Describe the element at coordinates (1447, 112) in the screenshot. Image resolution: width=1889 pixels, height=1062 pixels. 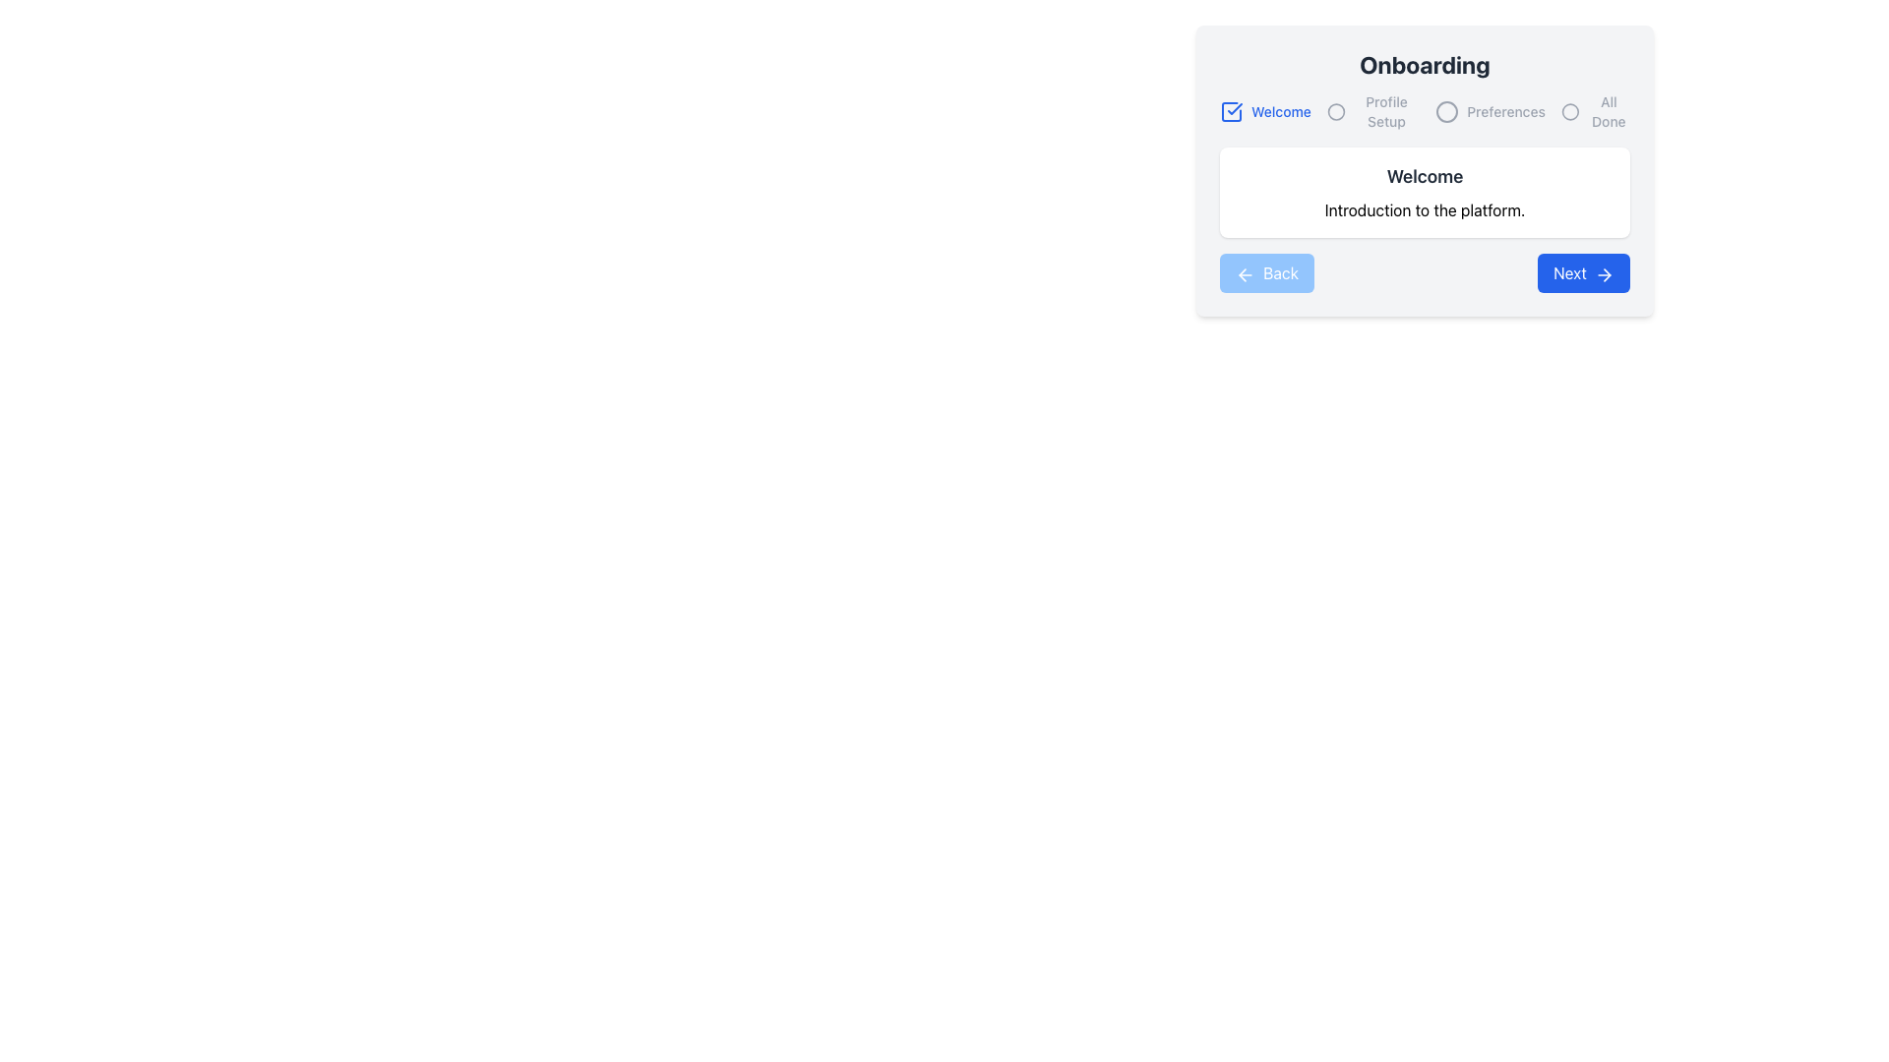
I see `the circular icon located third from the left in the navigation bar, next to the 'Preferences' label` at that location.